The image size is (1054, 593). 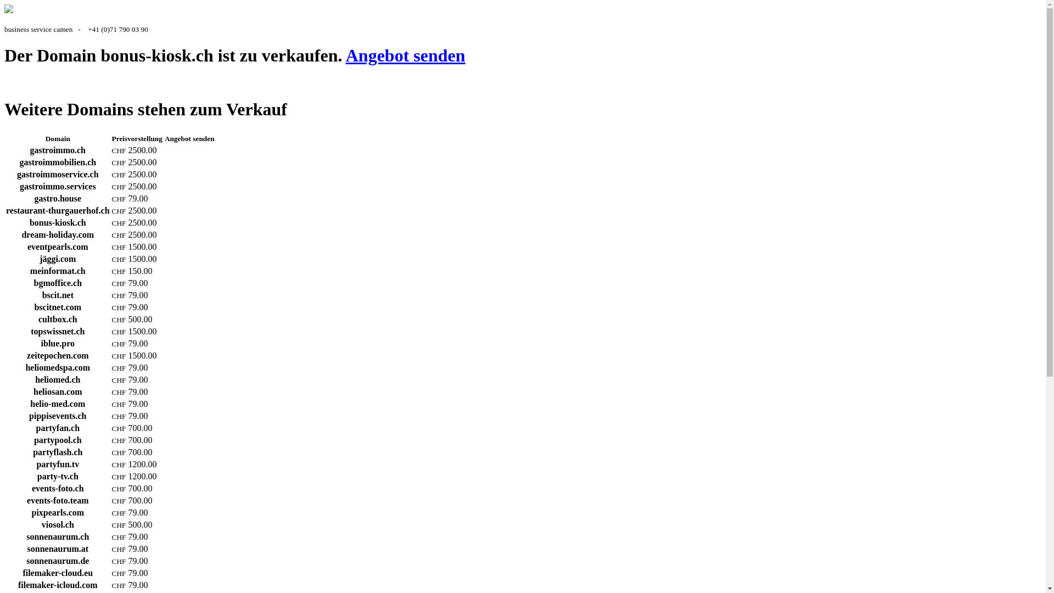 What do you see at coordinates (405, 55) in the screenshot?
I see `'Angebot senden'` at bounding box center [405, 55].